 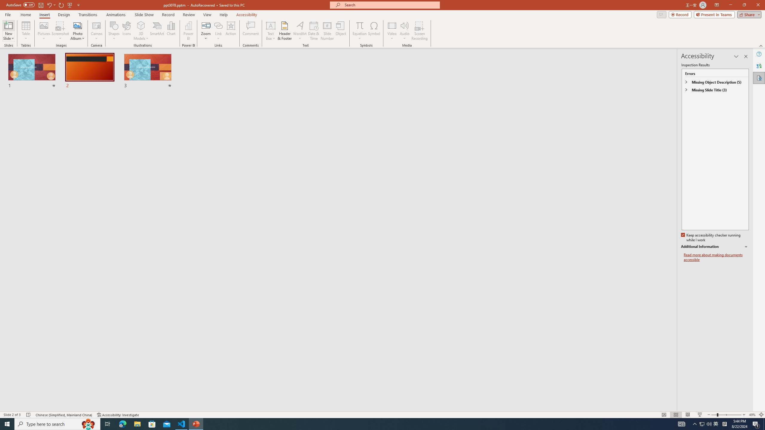 What do you see at coordinates (752, 415) in the screenshot?
I see `'Zoom 49%'` at bounding box center [752, 415].